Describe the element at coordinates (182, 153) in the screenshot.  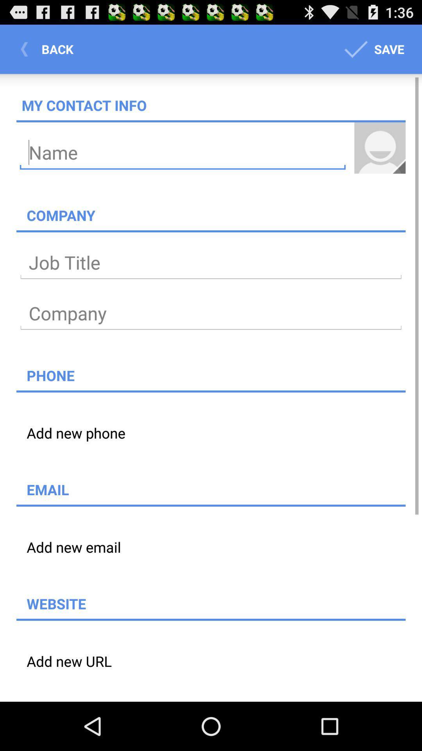
I see `name input area` at that location.